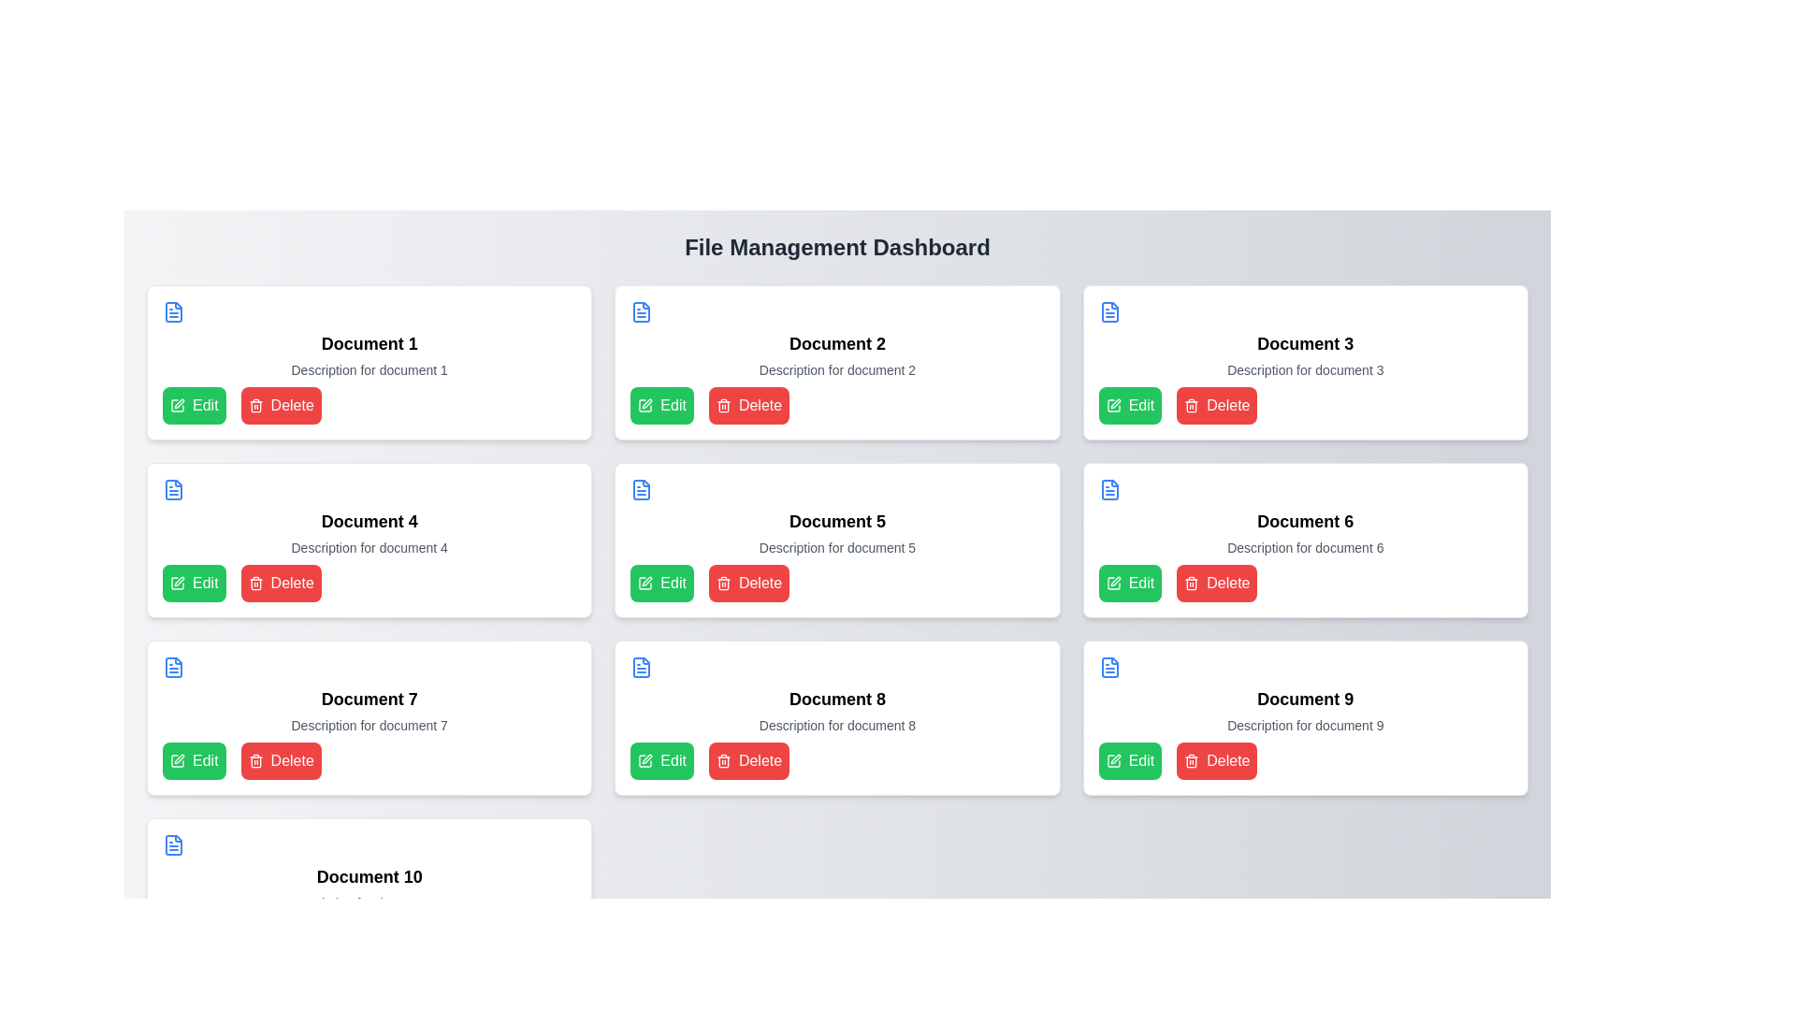 The image size is (1796, 1010). Describe the element at coordinates (254, 405) in the screenshot. I see `the delete icon located to the left of the 'Delete' label in the 'Delete' button for 'Document 1'` at that location.